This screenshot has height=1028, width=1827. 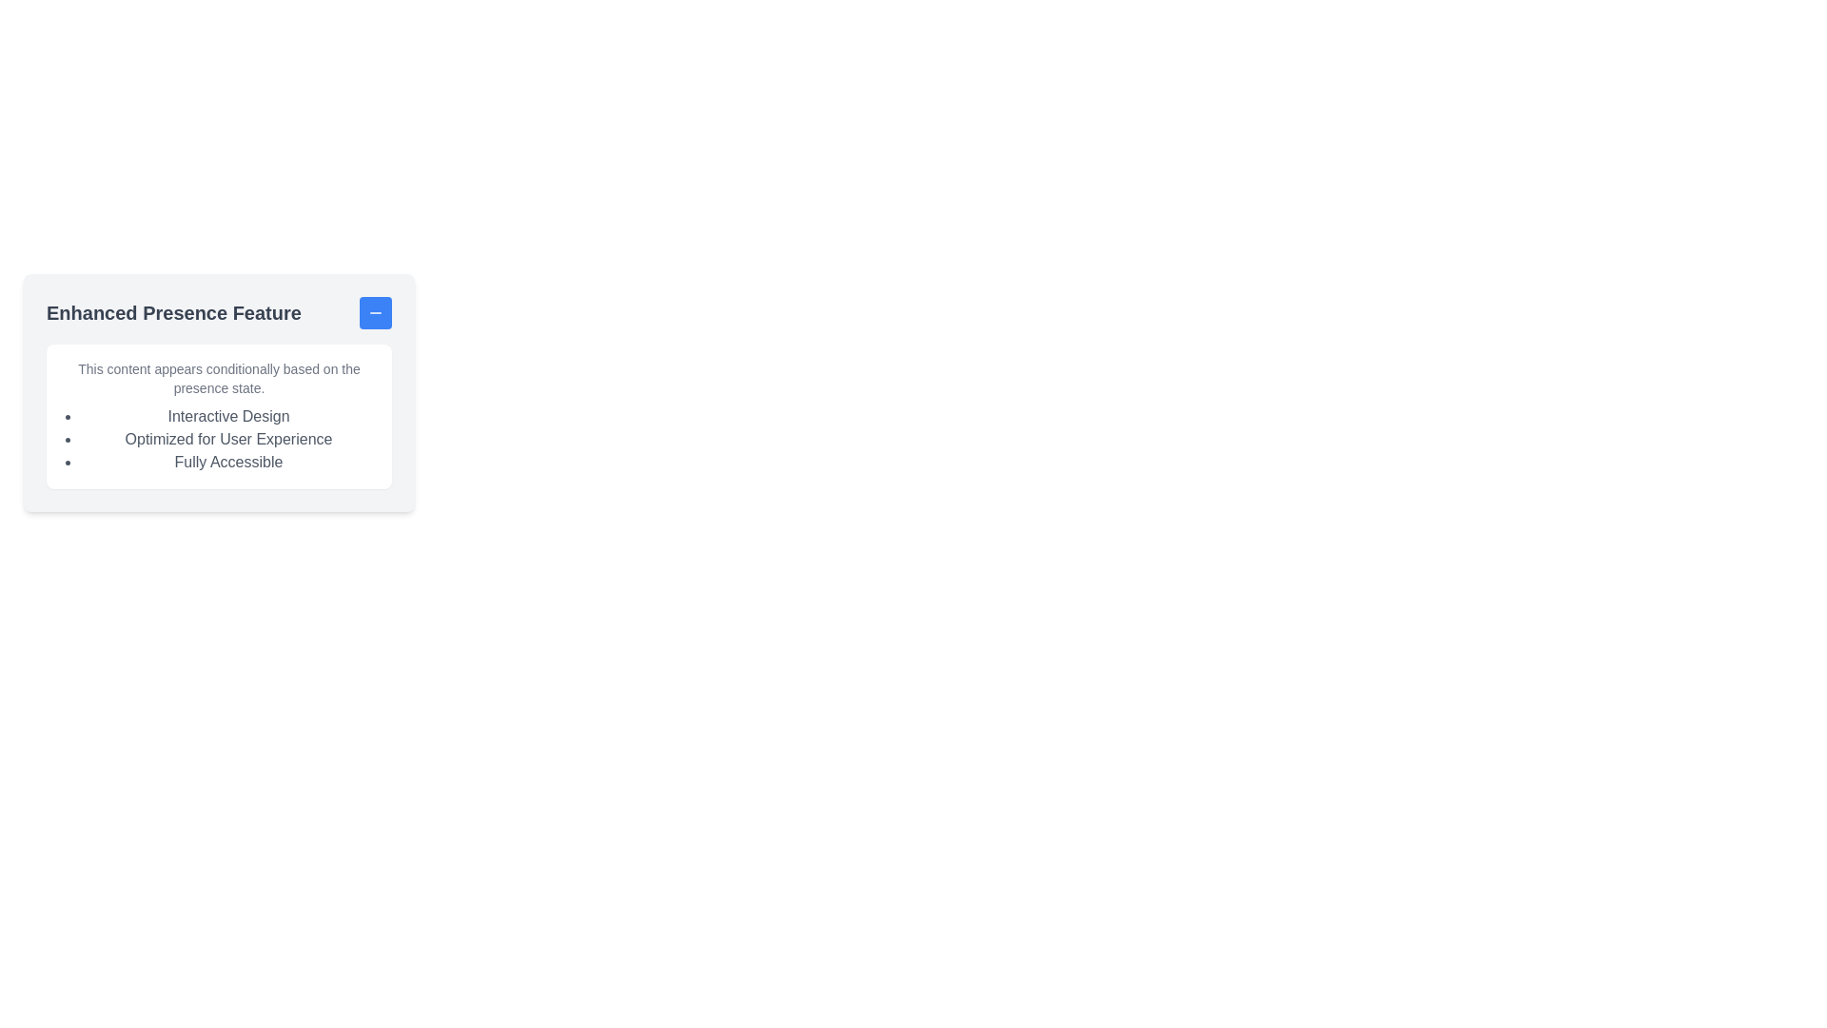 What do you see at coordinates (375, 311) in the screenshot?
I see `the minus icon located in the top-right corner of the light gray card layout` at bounding box center [375, 311].